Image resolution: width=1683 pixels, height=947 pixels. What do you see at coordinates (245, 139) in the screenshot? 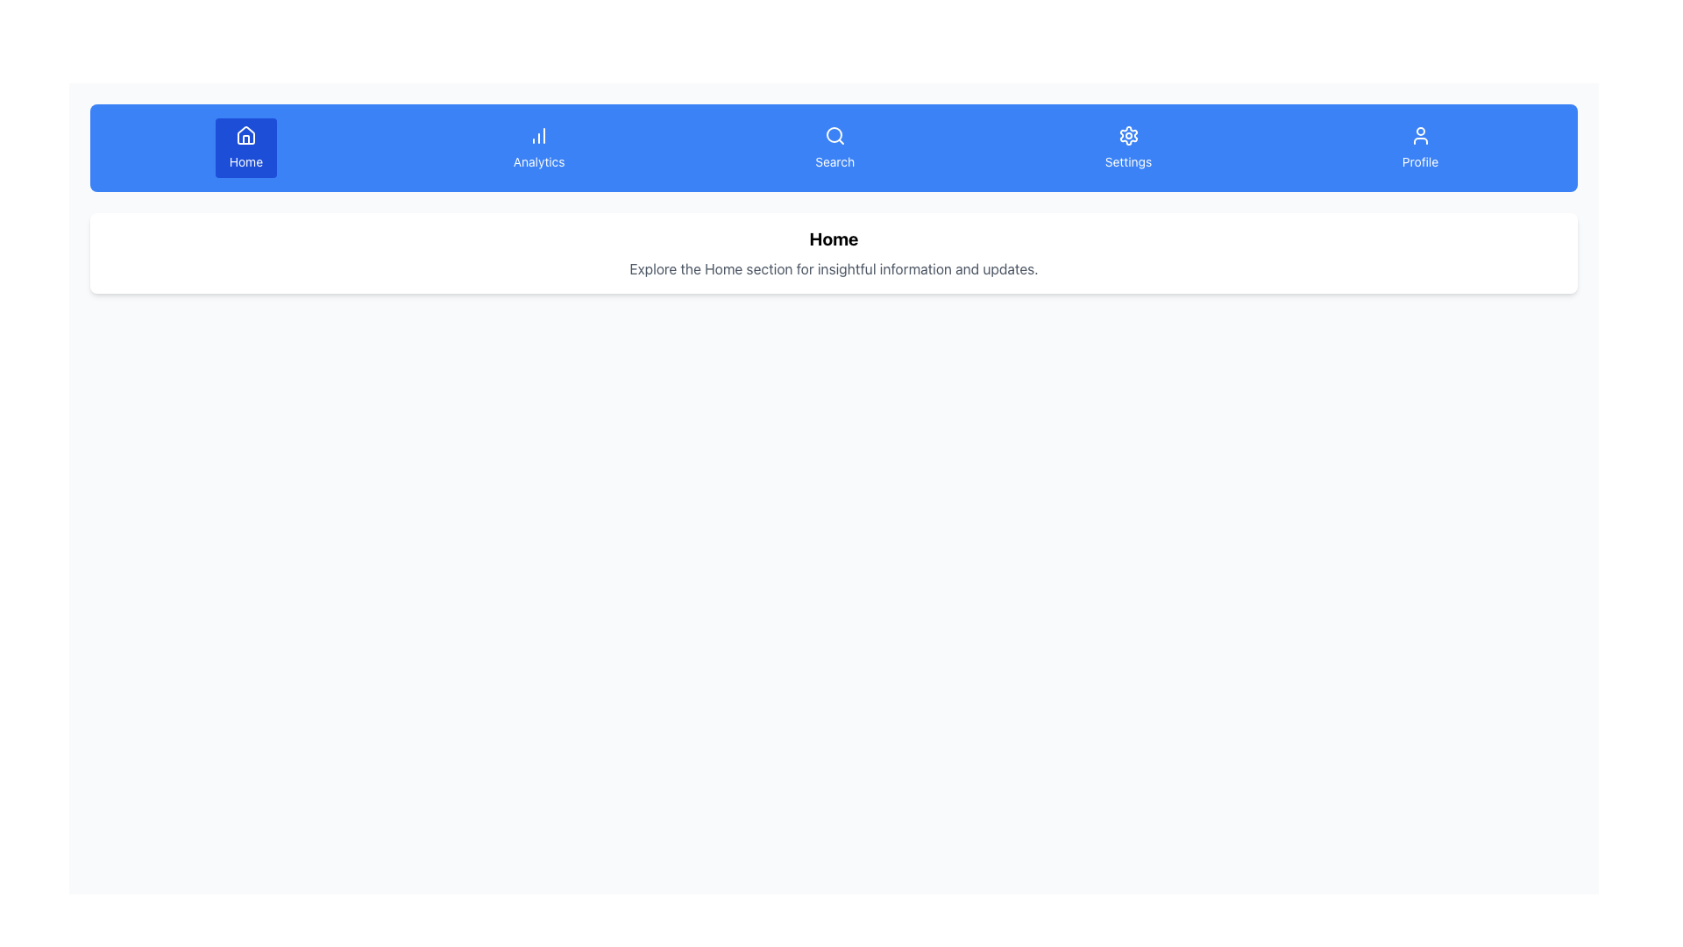
I see `the 'Home' icon in the navigation bar, which is represented by a square button with a blue background and a 'Home' label below it` at bounding box center [245, 139].